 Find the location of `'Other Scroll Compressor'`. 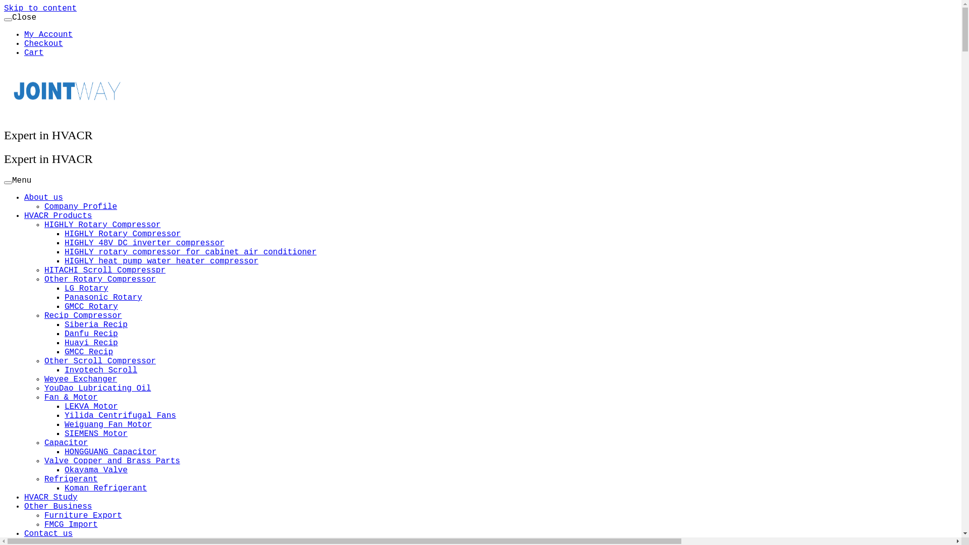

'Other Scroll Compressor' is located at coordinates (100, 361).